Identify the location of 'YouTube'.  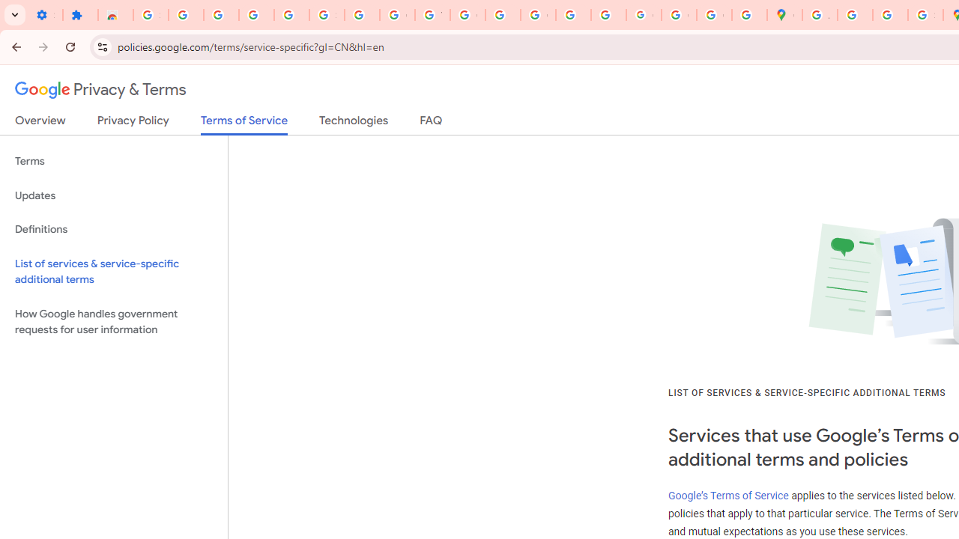
(432, 15).